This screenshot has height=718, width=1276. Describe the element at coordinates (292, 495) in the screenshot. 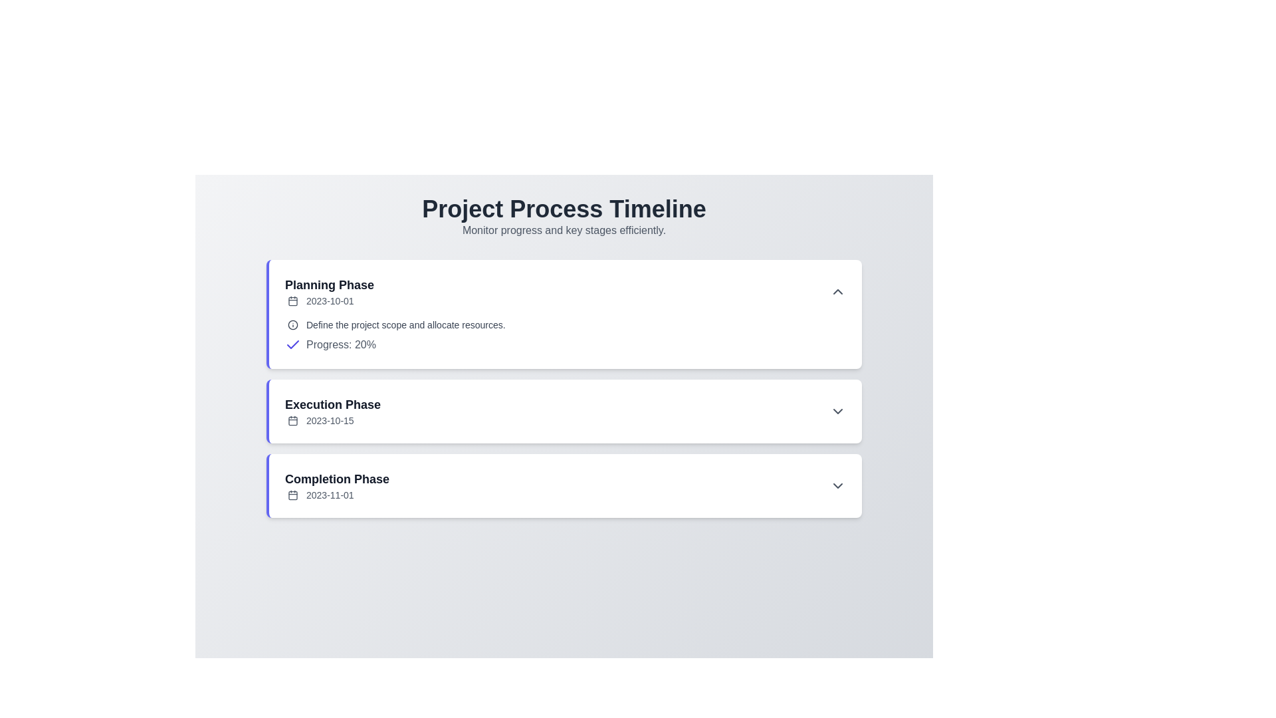

I see `the main rounded rectangle within the calendar icon located to the left side of the 'Completion Phase' section in the timeline interface` at that location.